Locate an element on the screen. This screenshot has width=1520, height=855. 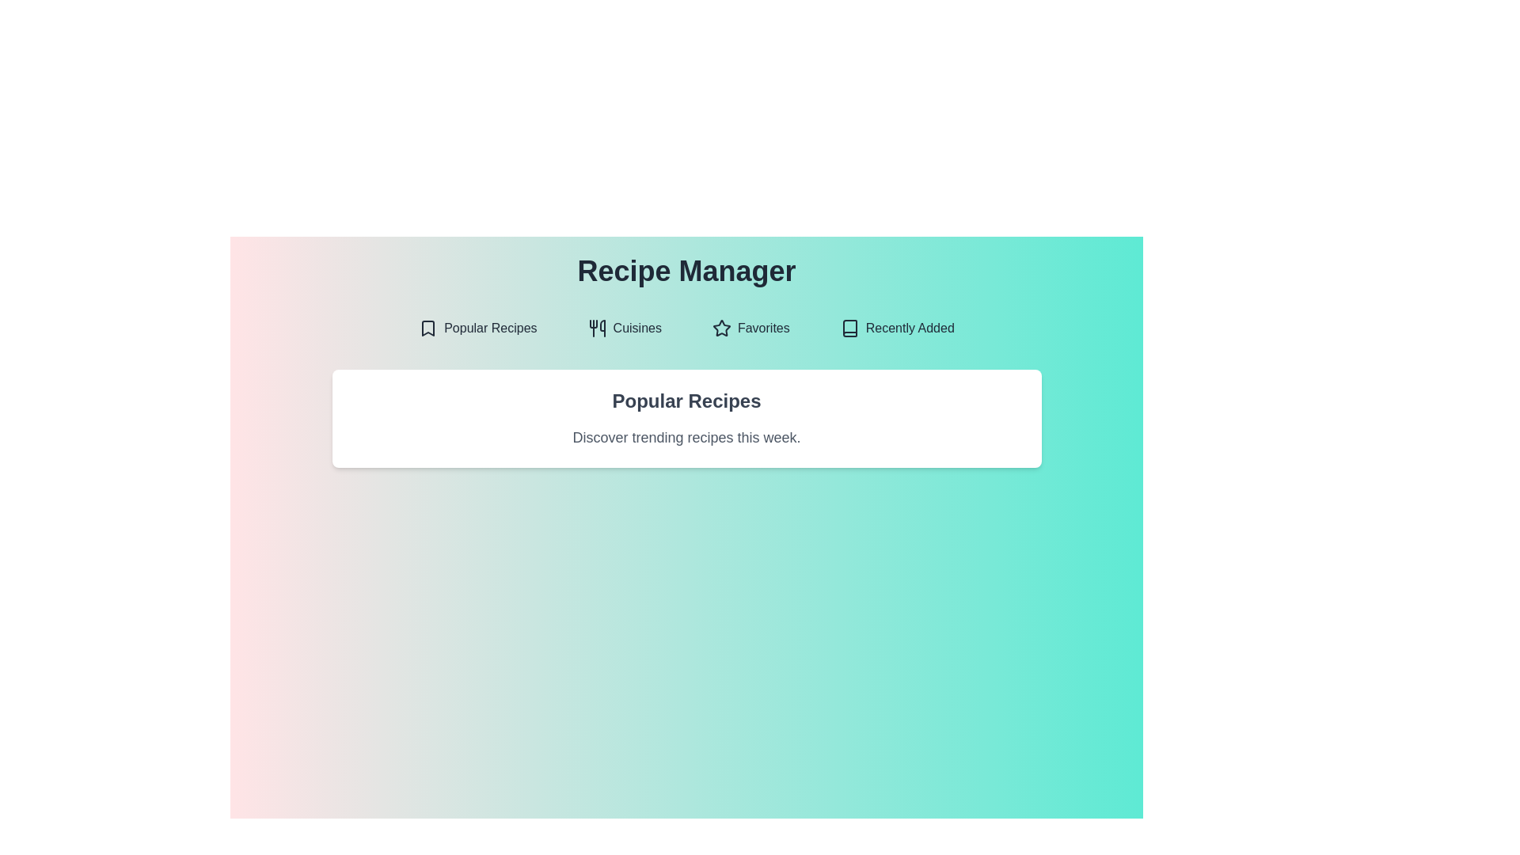
the Popular Recipes tab is located at coordinates (477, 328).